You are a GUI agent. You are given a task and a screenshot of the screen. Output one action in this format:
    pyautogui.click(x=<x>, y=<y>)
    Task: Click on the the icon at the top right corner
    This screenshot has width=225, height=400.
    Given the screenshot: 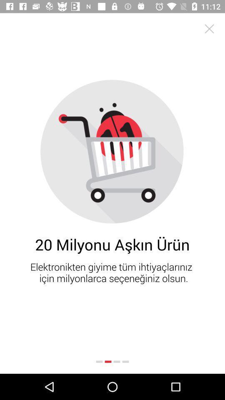 What is the action you would take?
    pyautogui.click(x=209, y=29)
    